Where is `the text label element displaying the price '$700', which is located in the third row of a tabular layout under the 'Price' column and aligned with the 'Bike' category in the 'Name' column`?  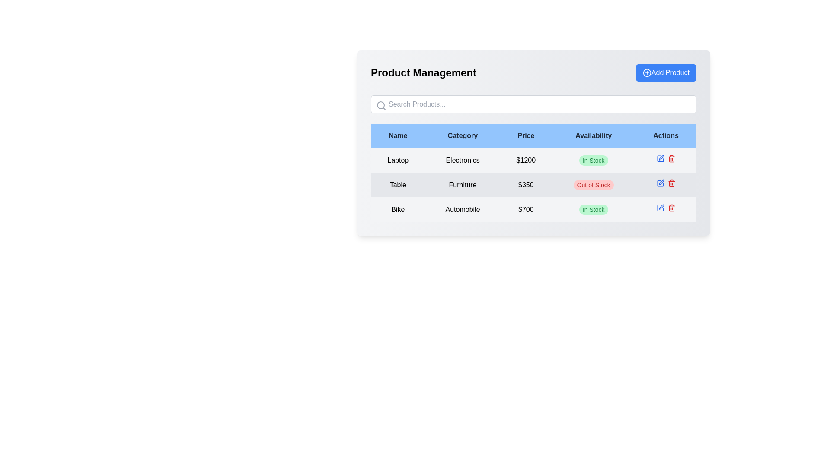 the text label element displaying the price '$700', which is located in the third row of a tabular layout under the 'Price' column and aligned with the 'Bike' category in the 'Name' column is located at coordinates (525, 209).